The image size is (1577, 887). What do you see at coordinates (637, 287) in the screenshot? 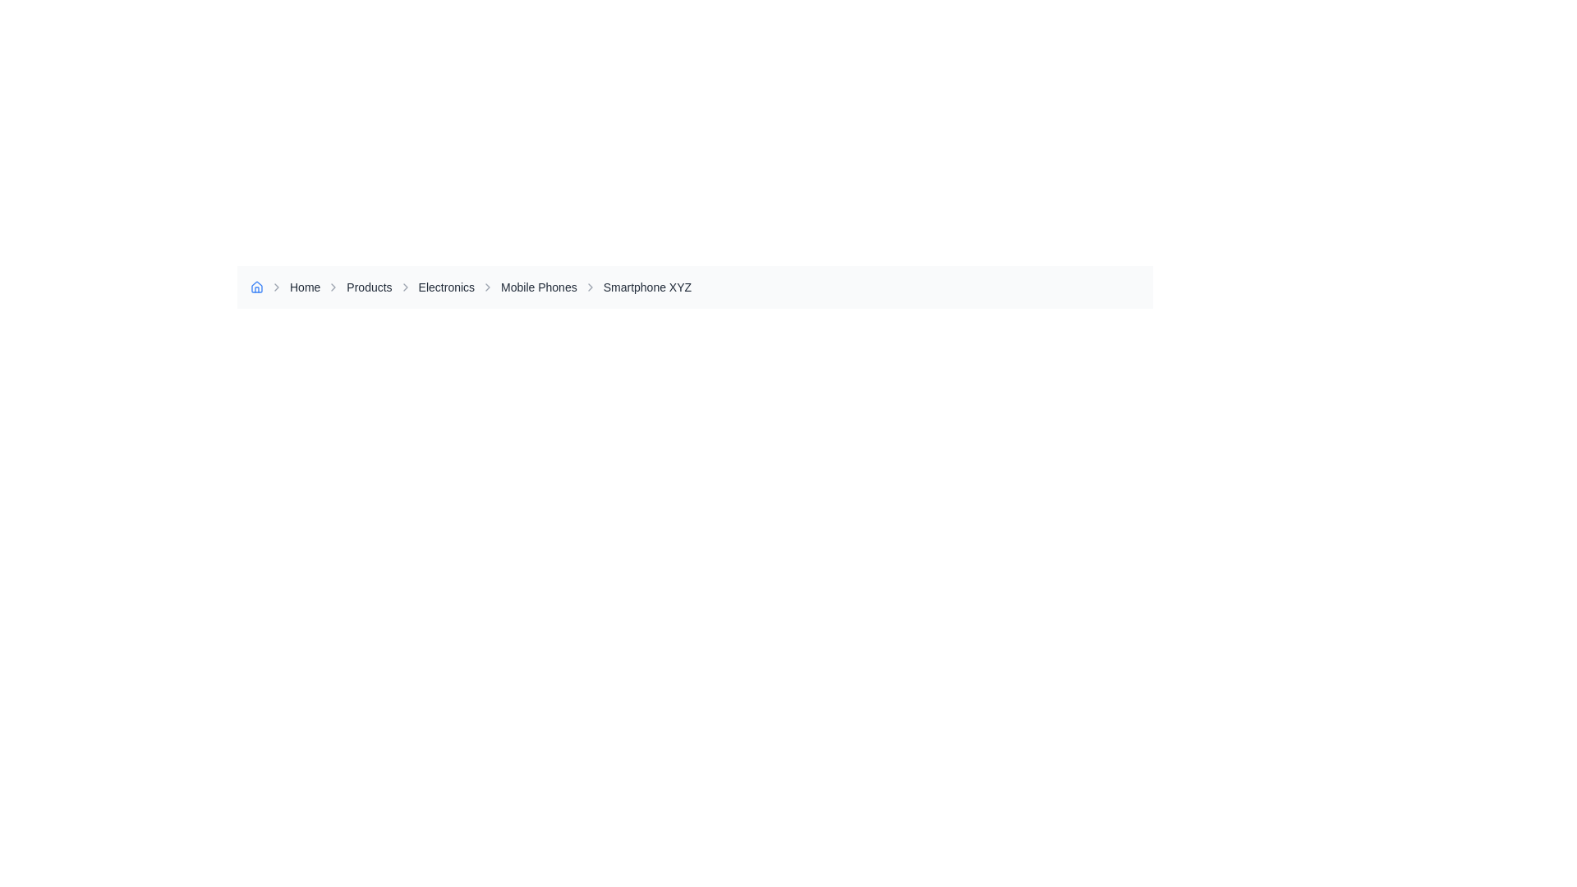
I see `the 'Smartphone XYZ' text link within the breadcrumb navigation` at bounding box center [637, 287].